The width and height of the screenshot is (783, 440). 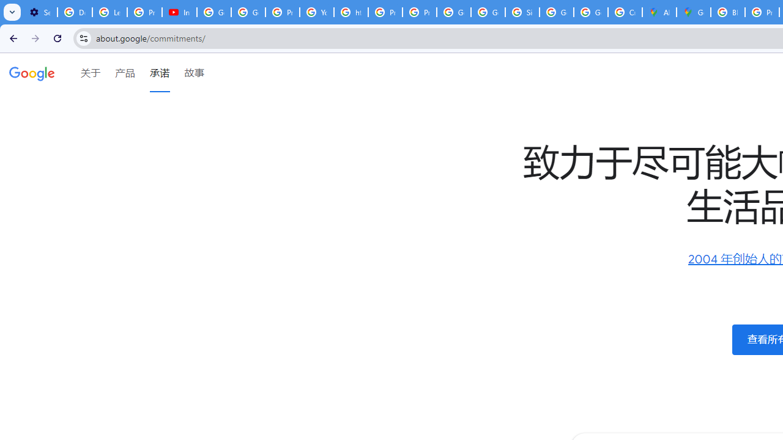 I want to click on 'Google Account Help', so click(x=247, y=12).